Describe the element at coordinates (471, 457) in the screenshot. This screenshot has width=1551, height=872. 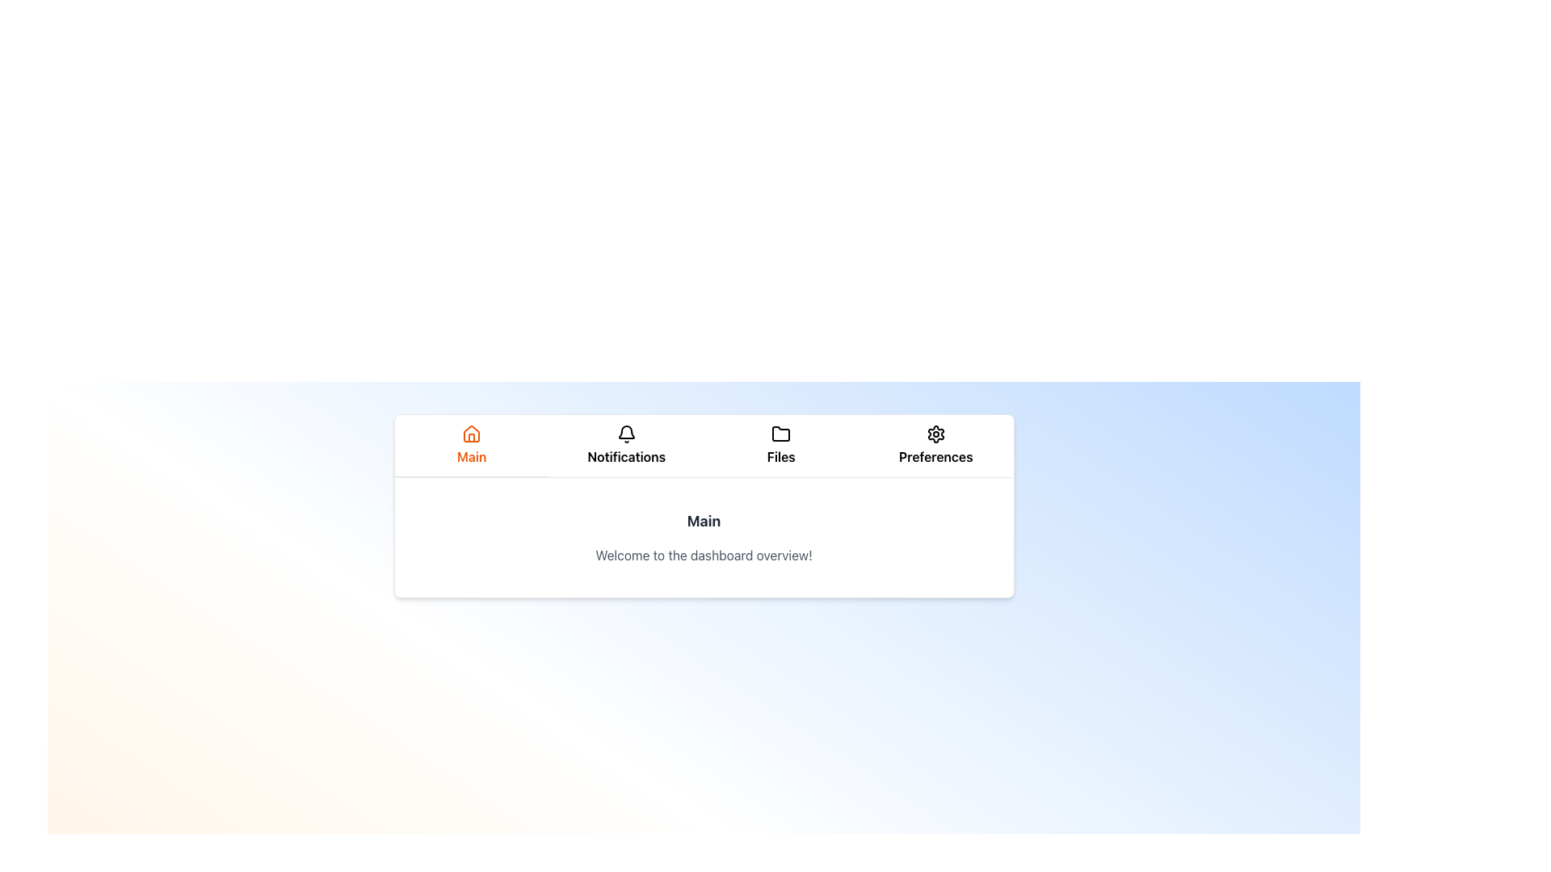
I see `displayed text from the 'Main' label located in the navigation bar, positioned centrally beneath the house-shaped icon` at that location.